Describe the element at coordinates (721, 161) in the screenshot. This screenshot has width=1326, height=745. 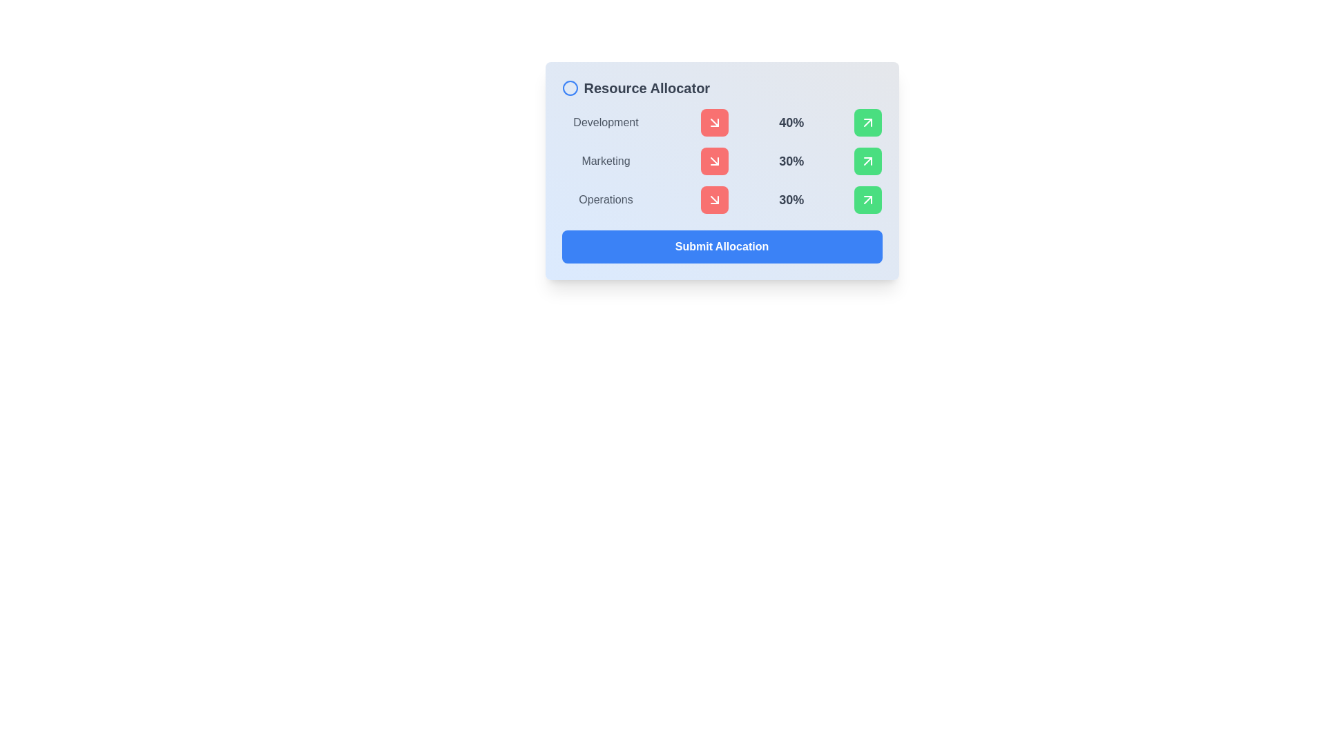
I see `the red button with a downward arrow icon located under the 'Marketing' label to decrease the percentage` at that location.